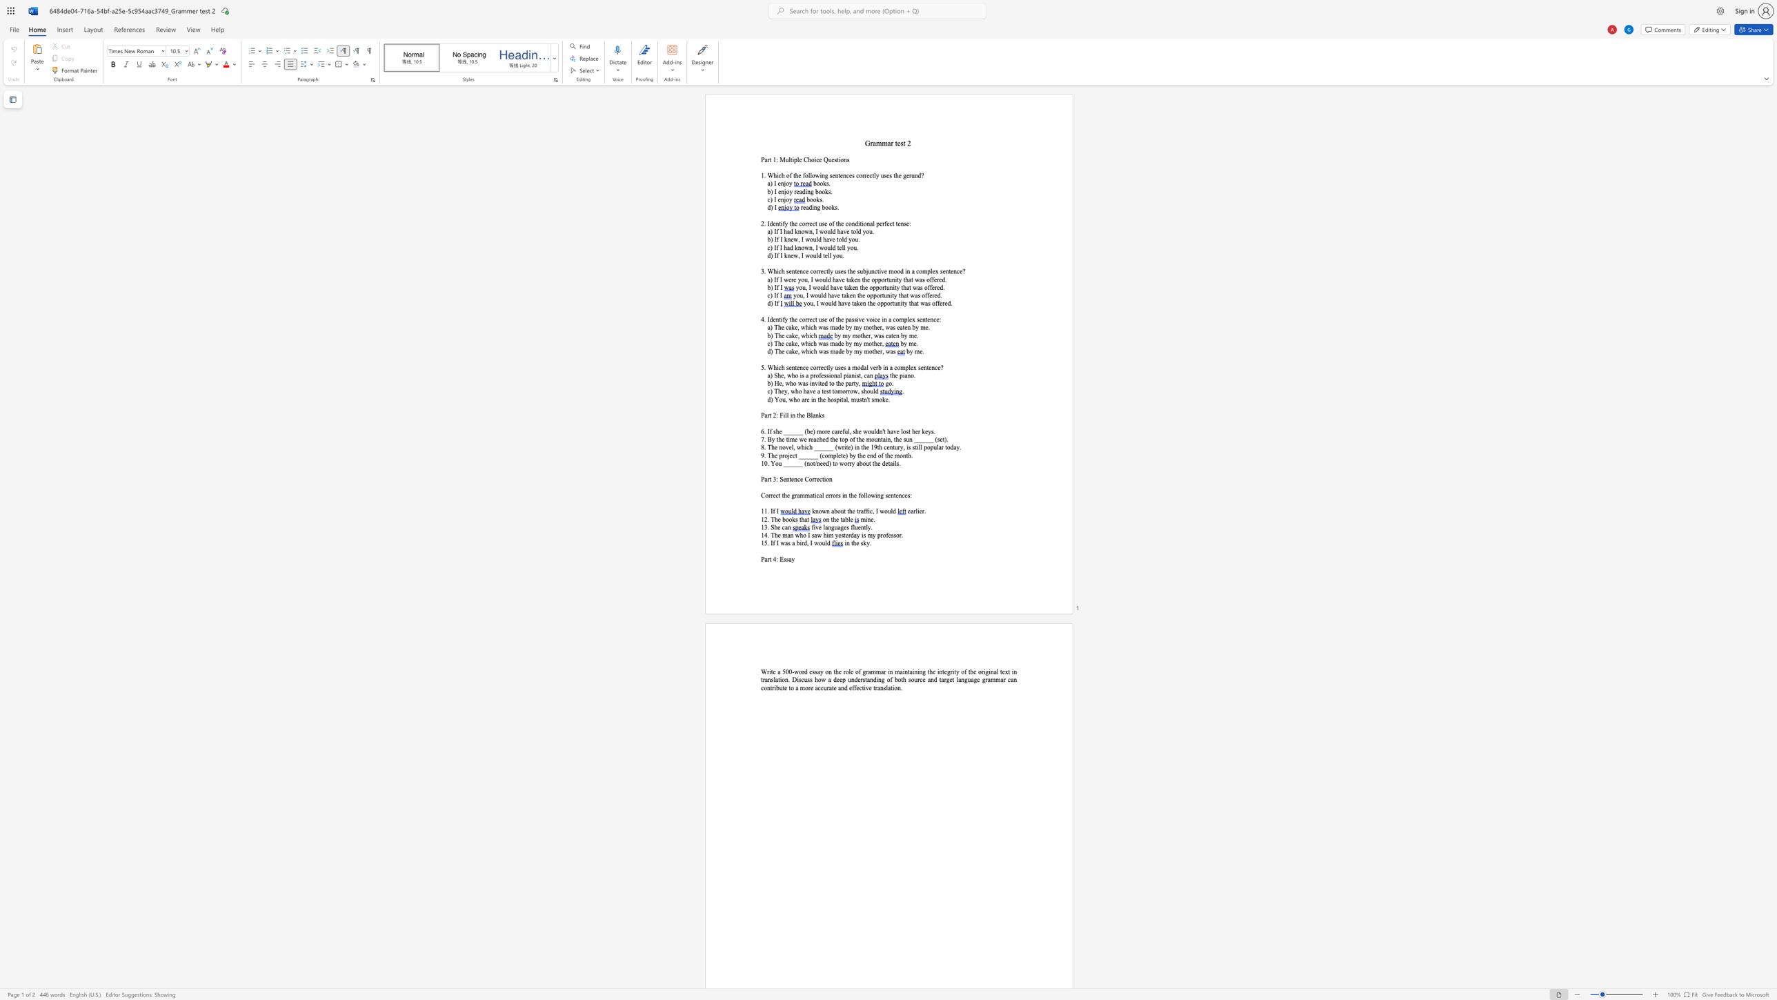 This screenshot has height=1000, width=1777. I want to click on the space between the continuous character "n" and "s" in the text, so click(882, 687).